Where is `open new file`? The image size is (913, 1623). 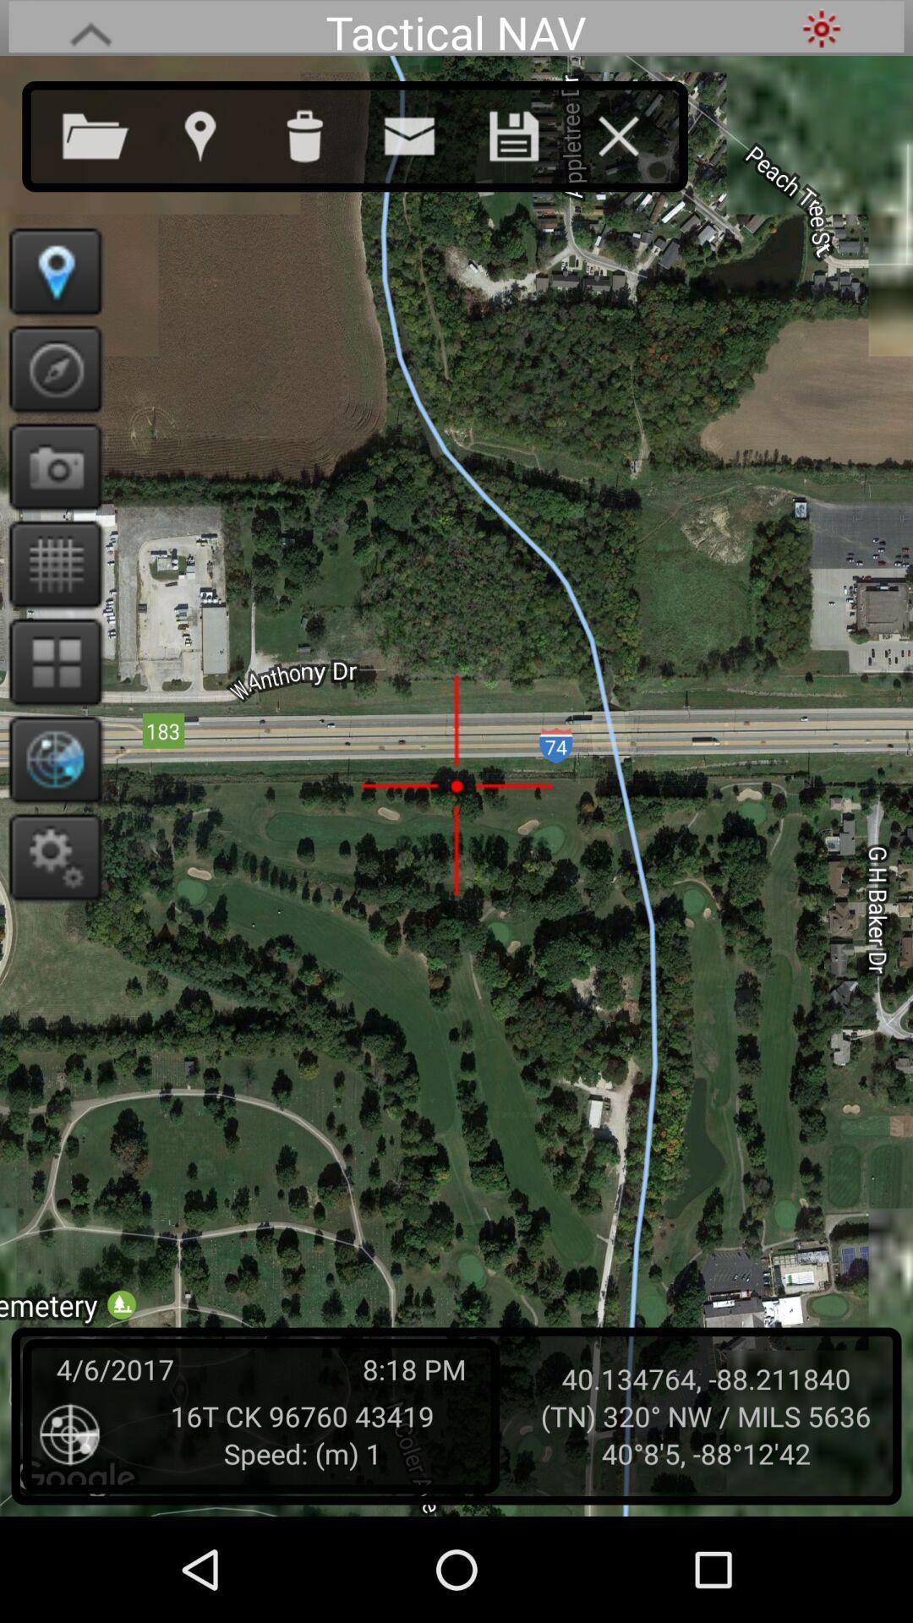 open new file is located at coordinates (112, 132).